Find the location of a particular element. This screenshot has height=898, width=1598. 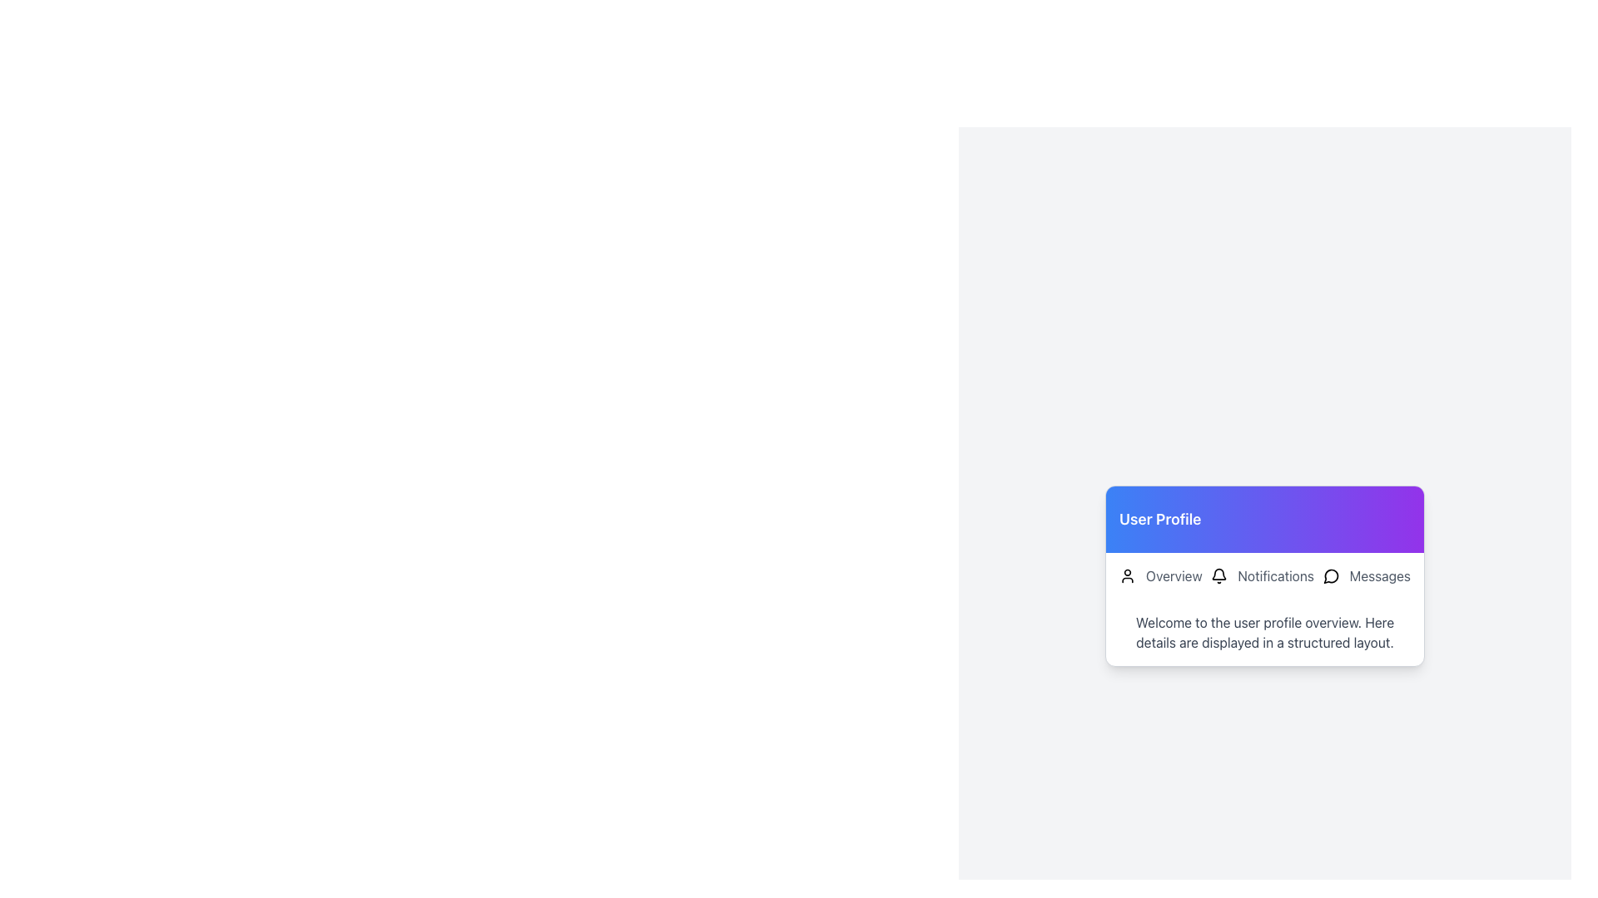

the 'Notifications' button, which features a bell icon on the left and muted gray text is located at coordinates (1263, 575).